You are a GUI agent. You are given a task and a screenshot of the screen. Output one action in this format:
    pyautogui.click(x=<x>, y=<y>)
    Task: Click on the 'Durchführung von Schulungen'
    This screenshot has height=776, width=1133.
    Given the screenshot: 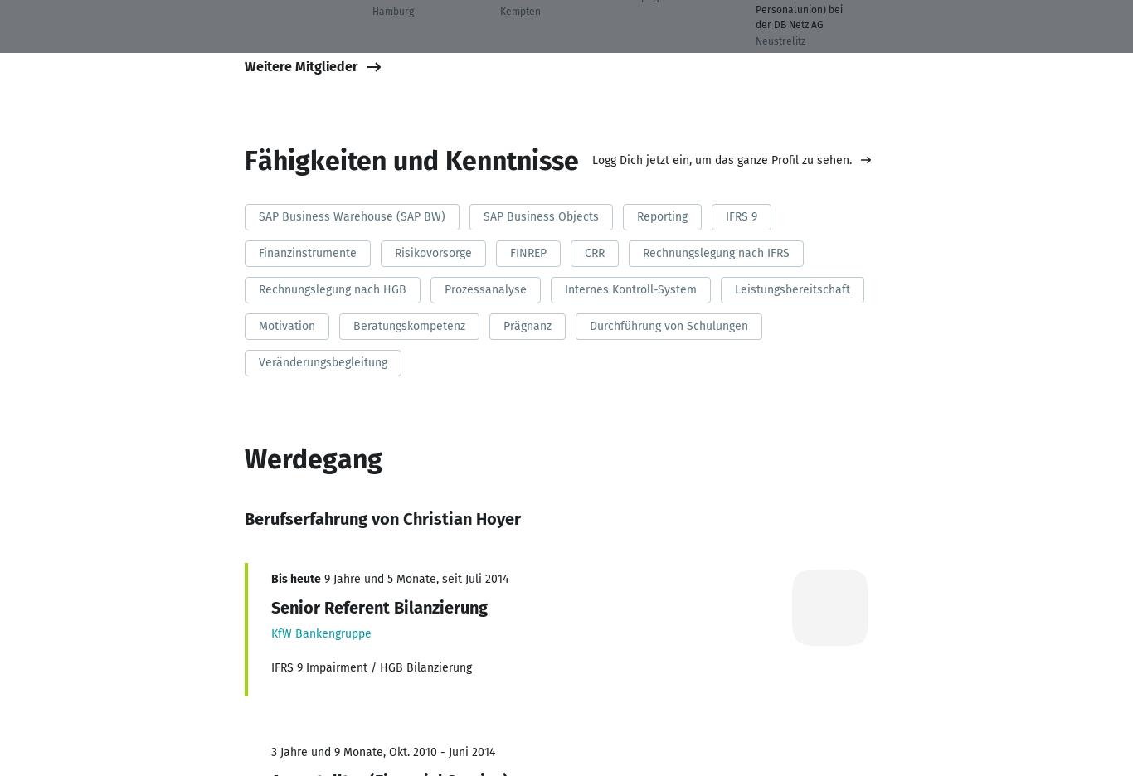 What is the action you would take?
    pyautogui.click(x=667, y=324)
    